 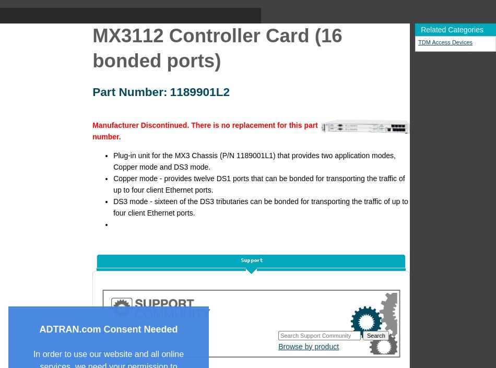 What do you see at coordinates (308, 346) in the screenshot?
I see `'Browse by product'` at bounding box center [308, 346].